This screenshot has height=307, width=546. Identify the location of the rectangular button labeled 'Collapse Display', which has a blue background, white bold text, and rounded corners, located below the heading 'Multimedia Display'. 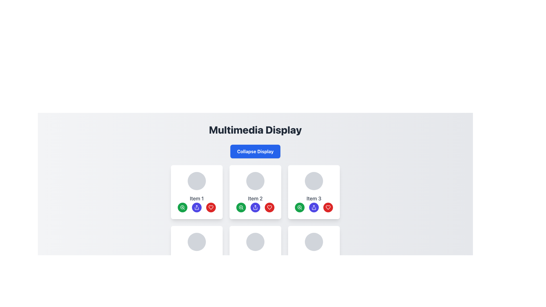
(255, 151).